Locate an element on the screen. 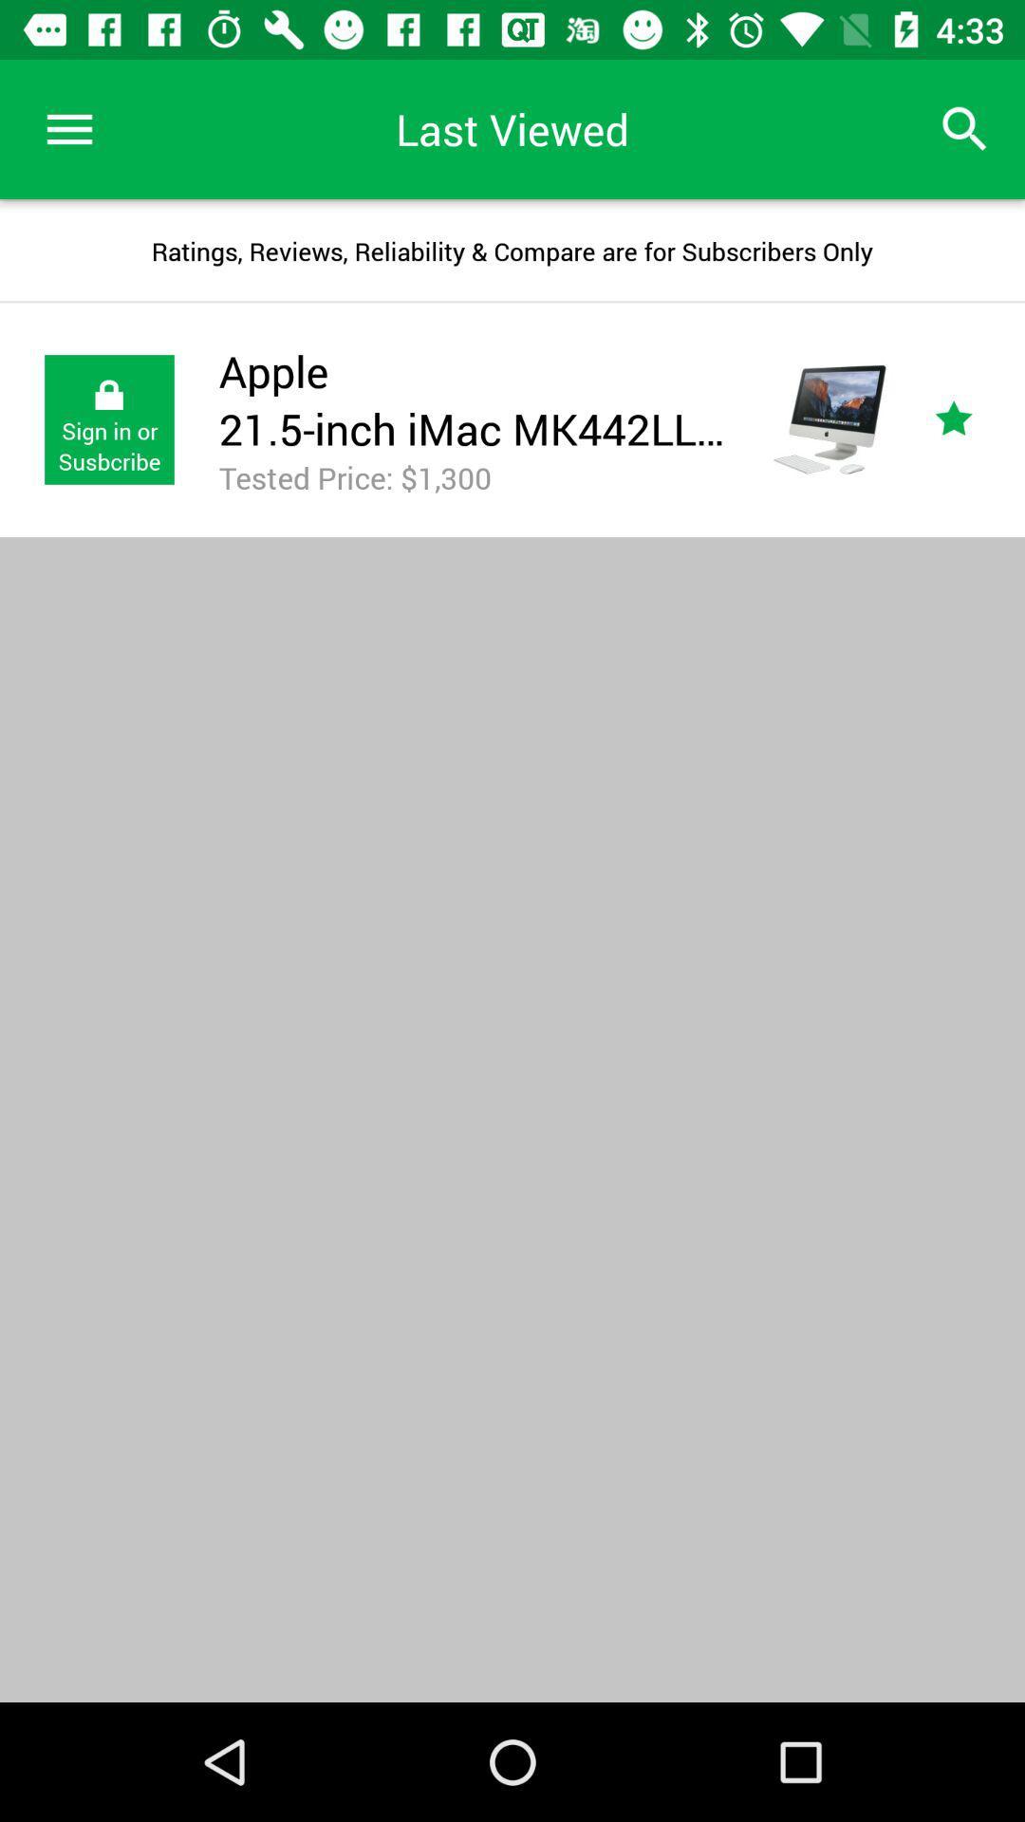 This screenshot has width=1025, height=1822. item above ratings reviews reliability icon is located at coordinates (965, 128).